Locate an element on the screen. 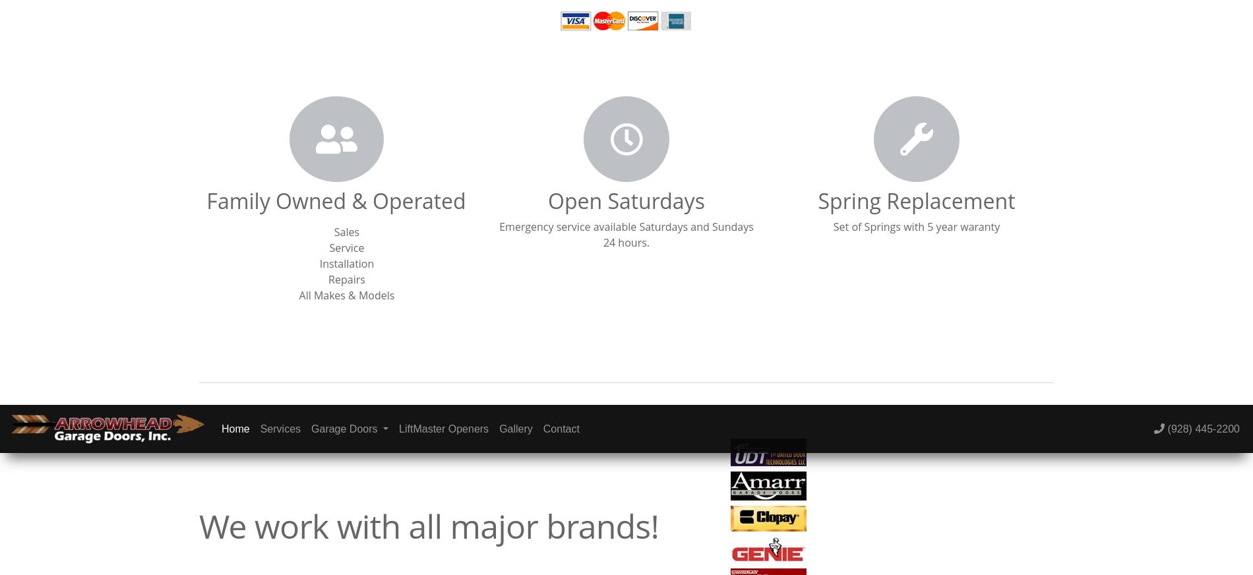 The image size is (1253, 575). '928-445-2200' is located at coordinates (921, 90).